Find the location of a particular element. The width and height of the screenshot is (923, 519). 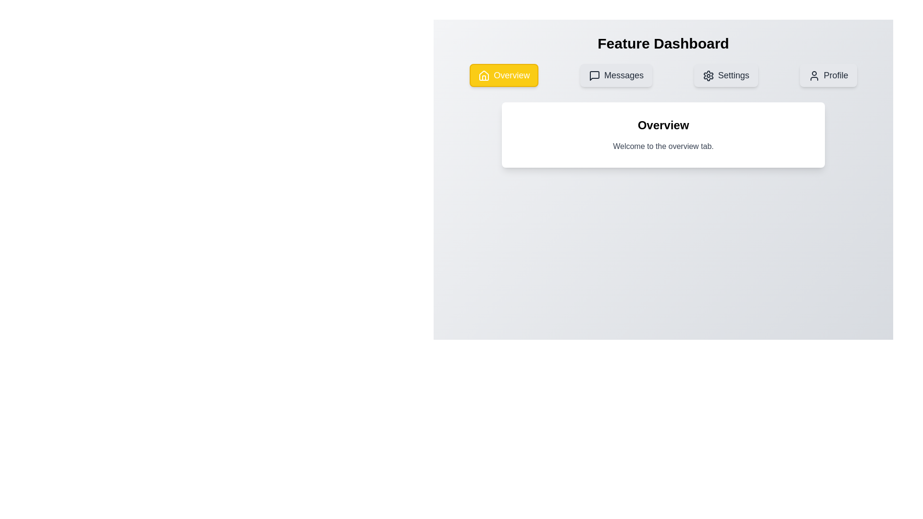

the Profile tab by clicking the corresponding navigation button is located at coordinates (828, 75).